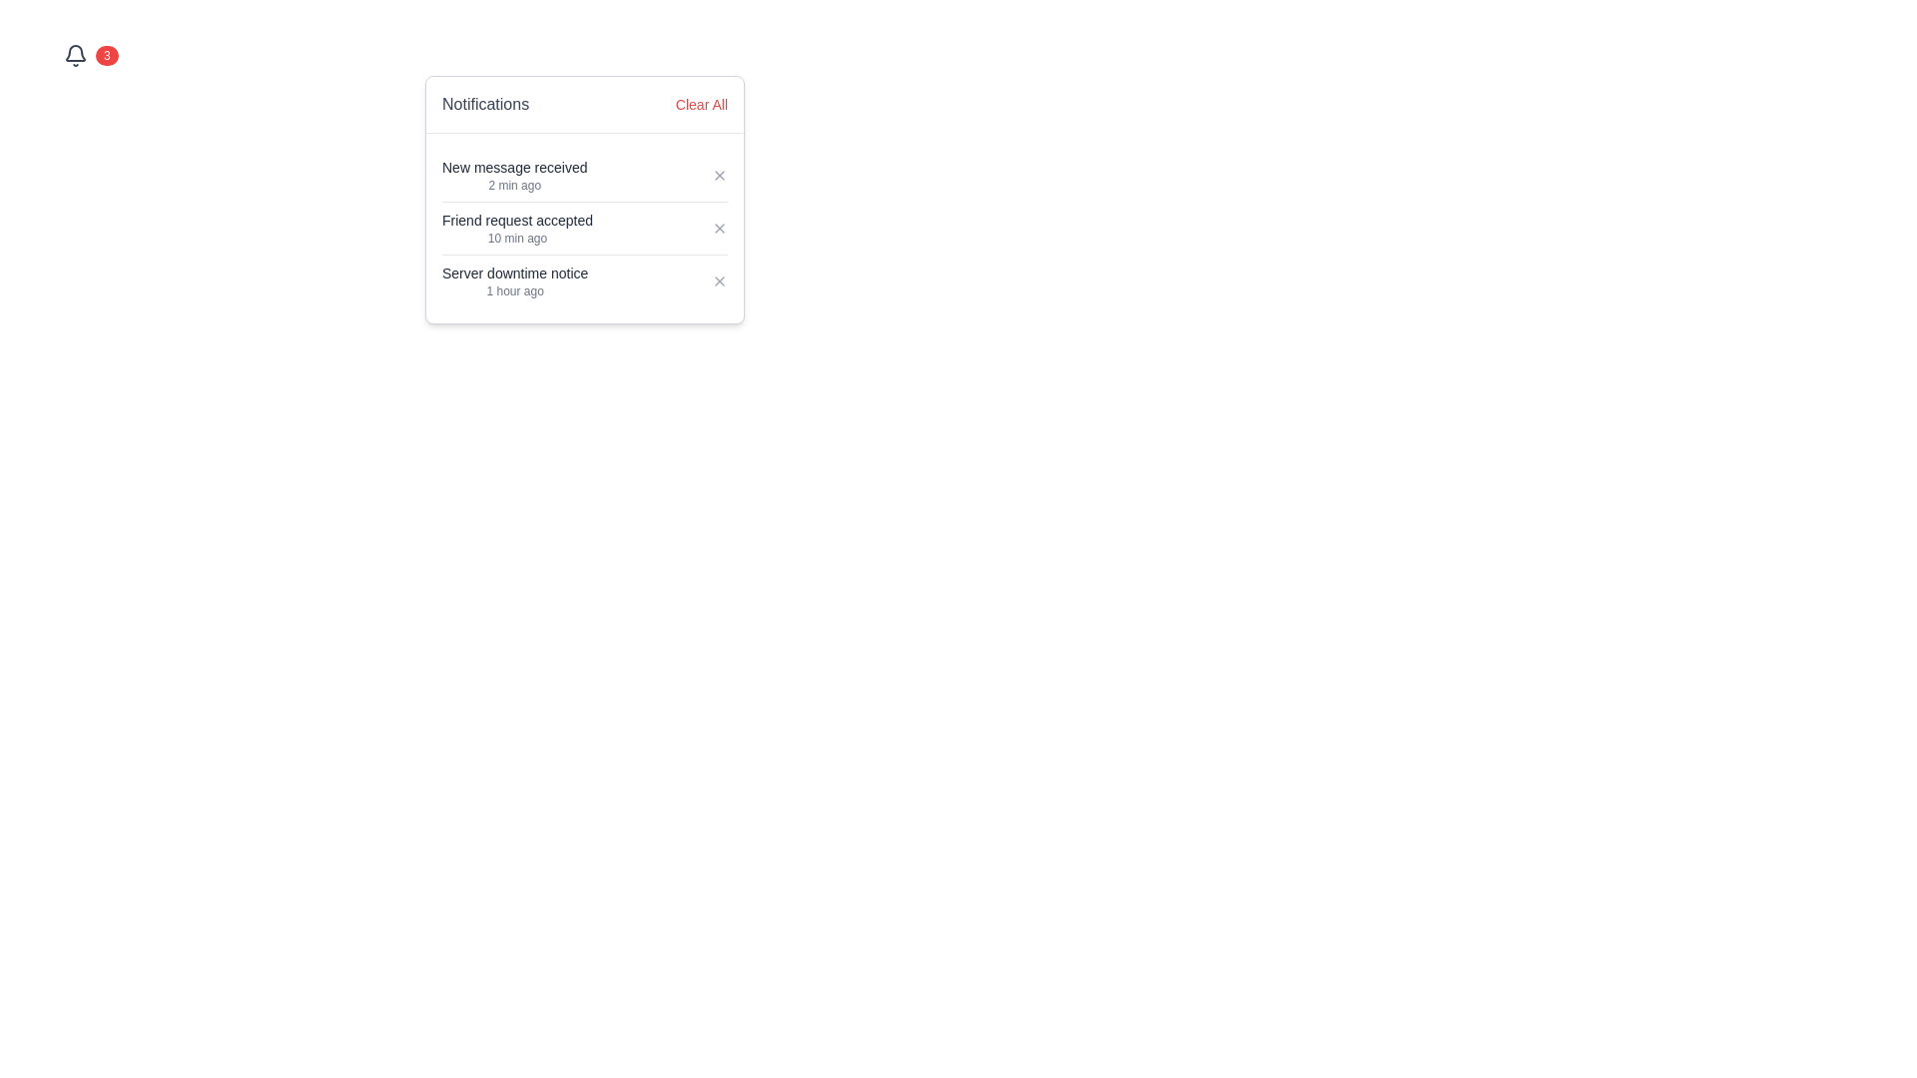 Image resolution: width=1917 pixels, height=1078 pixels. Describe the element at coordinates (514, 185) in the screenshot. I see `the timestamp text that displays the relative time when a notification was received, located in the notification card under the 'New message received' title` at that location.